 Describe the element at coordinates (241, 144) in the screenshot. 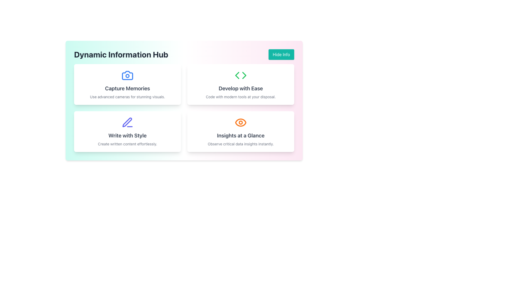

I see `the static text element displaying 'Observe critical data insights instantly.' which is styled in small gray text and located beneath the title 'Insights at a Glance' within a card component` at that location.